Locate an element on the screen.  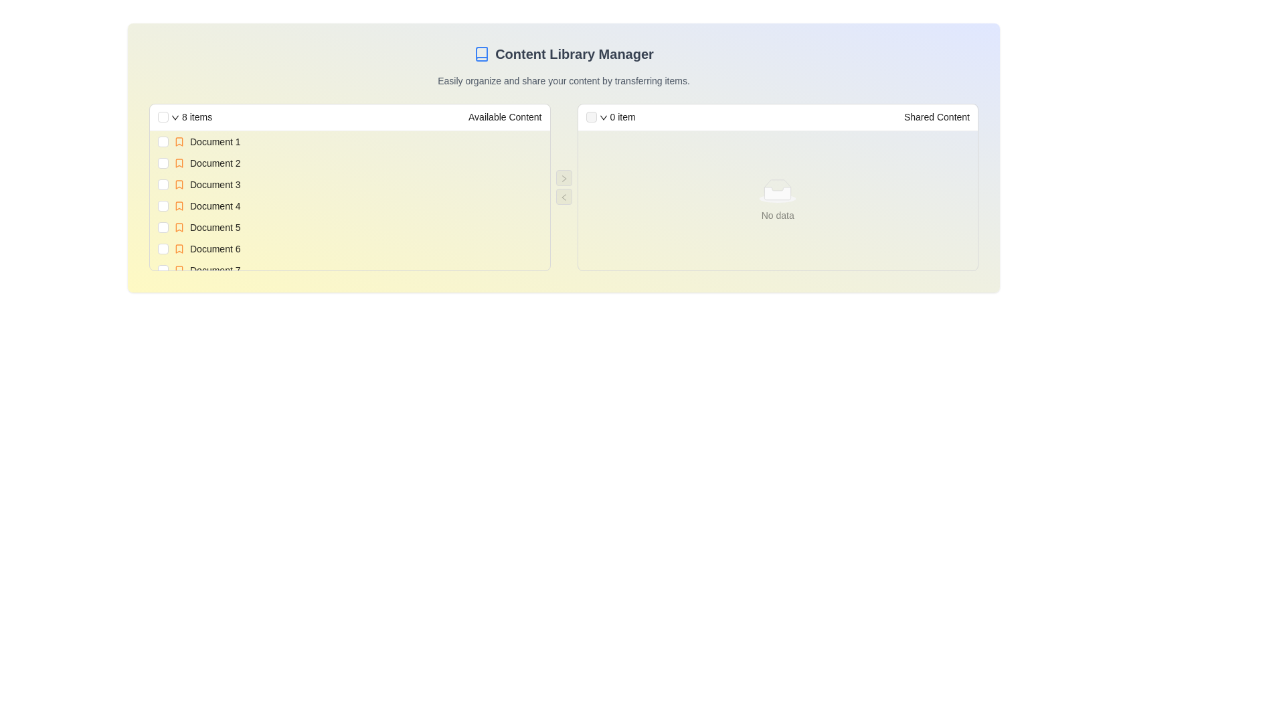
the checkbox for the list item titled 'Document 6' in the 'Available Content' section is located at coordinates (349, 248).